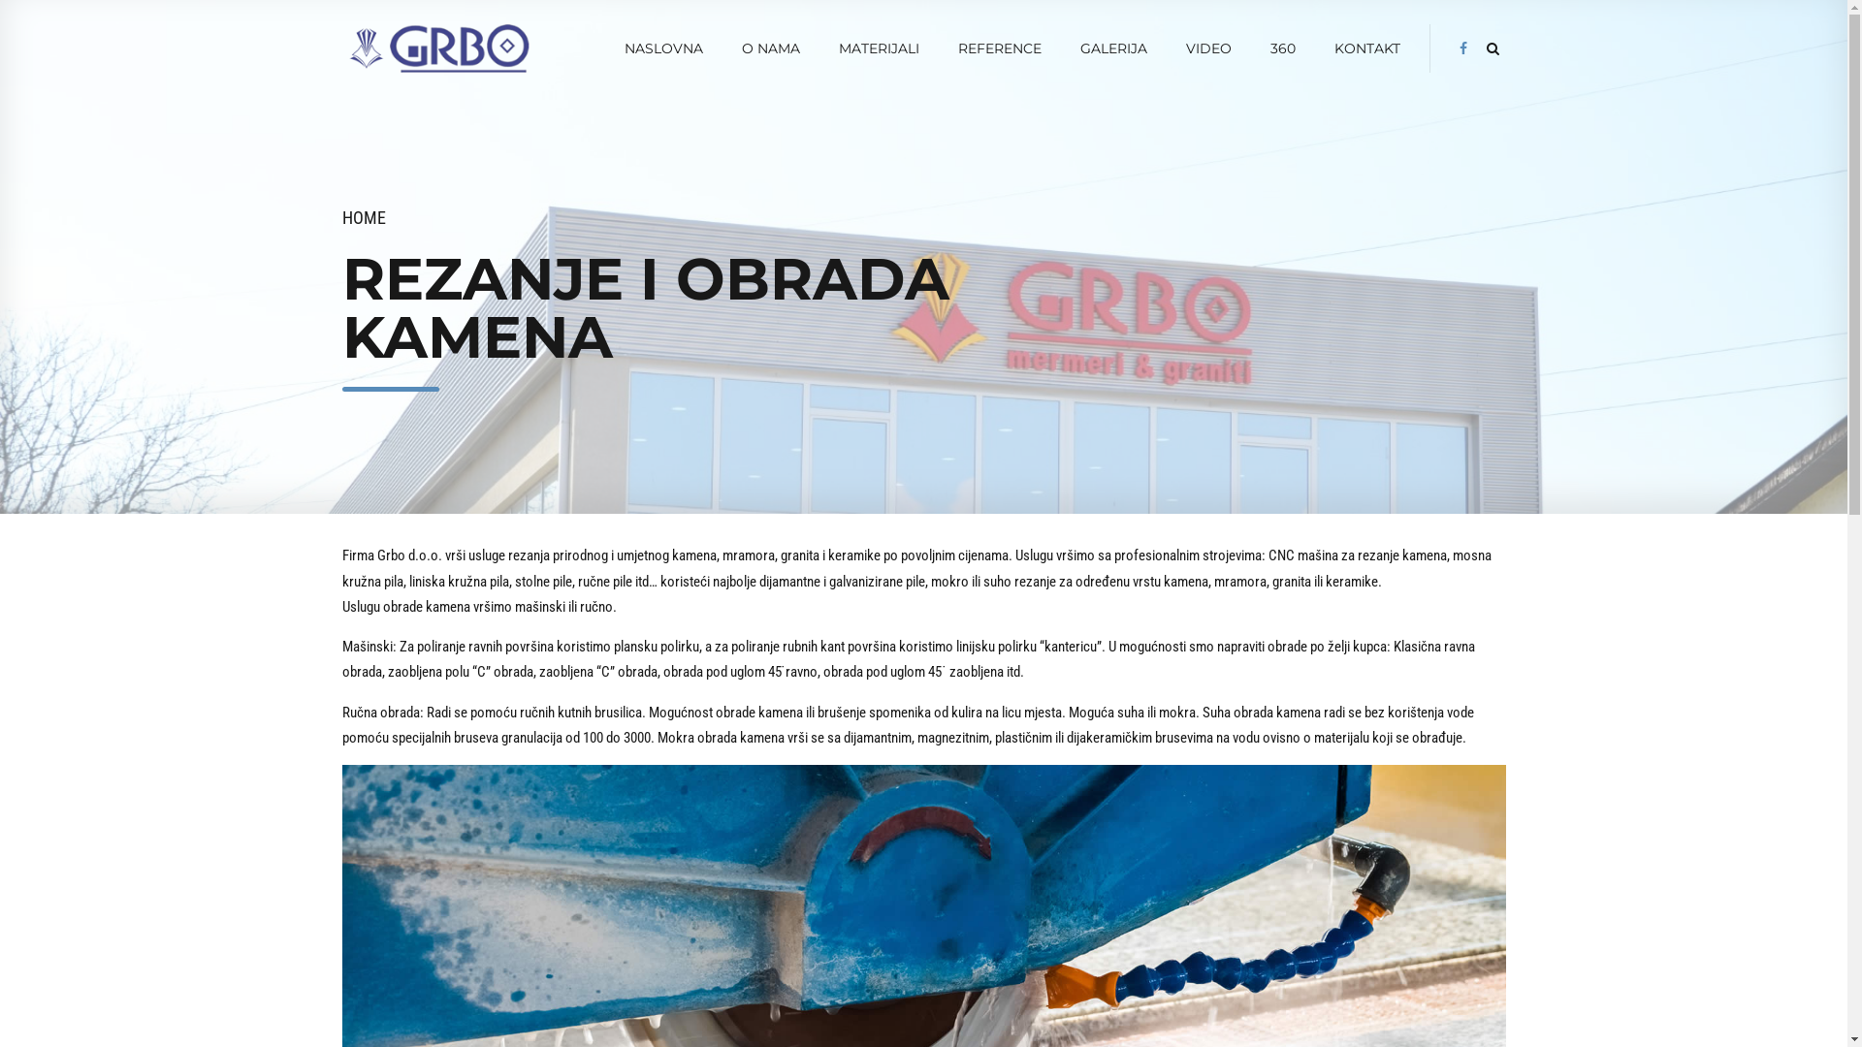 This screenshot has height=1047, width=1862. Describe the element at coordinates (1000, 48) in the screenshot. I see `'REFERENCE'` at that location.